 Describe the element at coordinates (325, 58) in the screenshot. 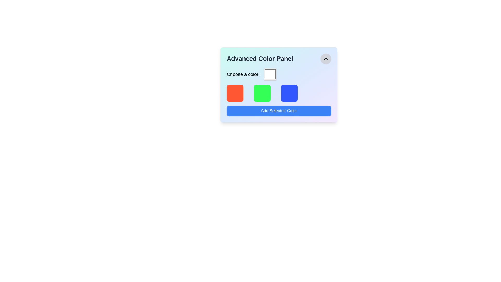

I see `the circular button icon located at the top right corner of the 'Advanced Color Panel', which has a gray background and subtle shadow, to receive potential feedback` at that location.